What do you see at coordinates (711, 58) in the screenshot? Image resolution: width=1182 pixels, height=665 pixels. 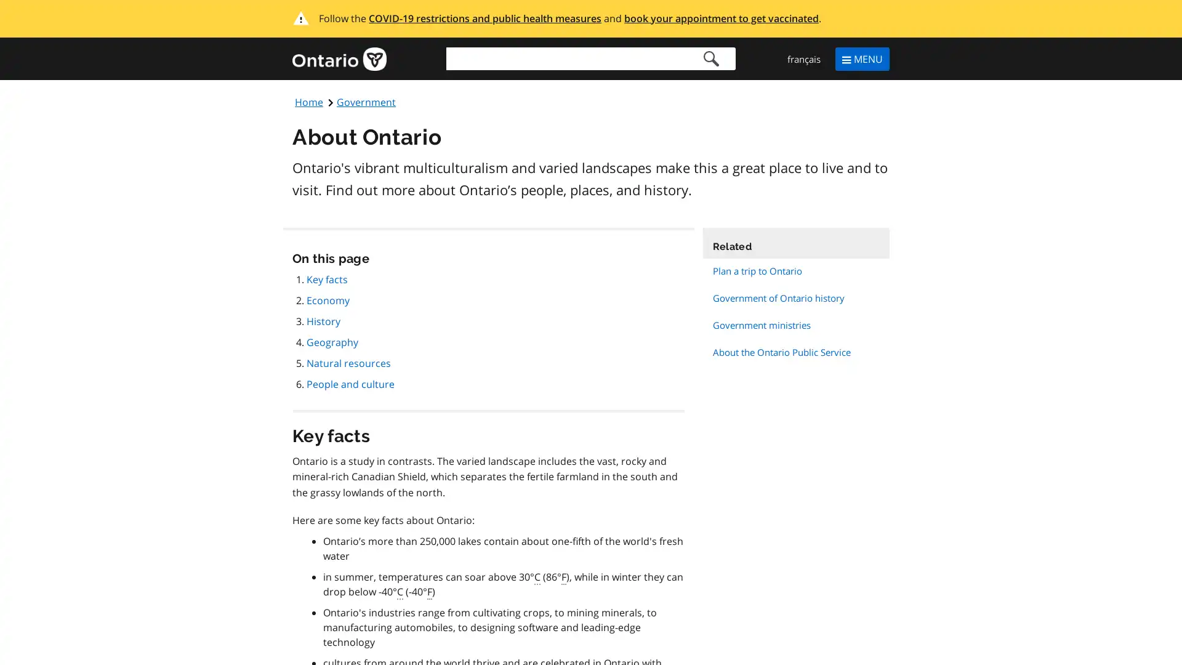 I see `Search` at bounding box center [711, 58].